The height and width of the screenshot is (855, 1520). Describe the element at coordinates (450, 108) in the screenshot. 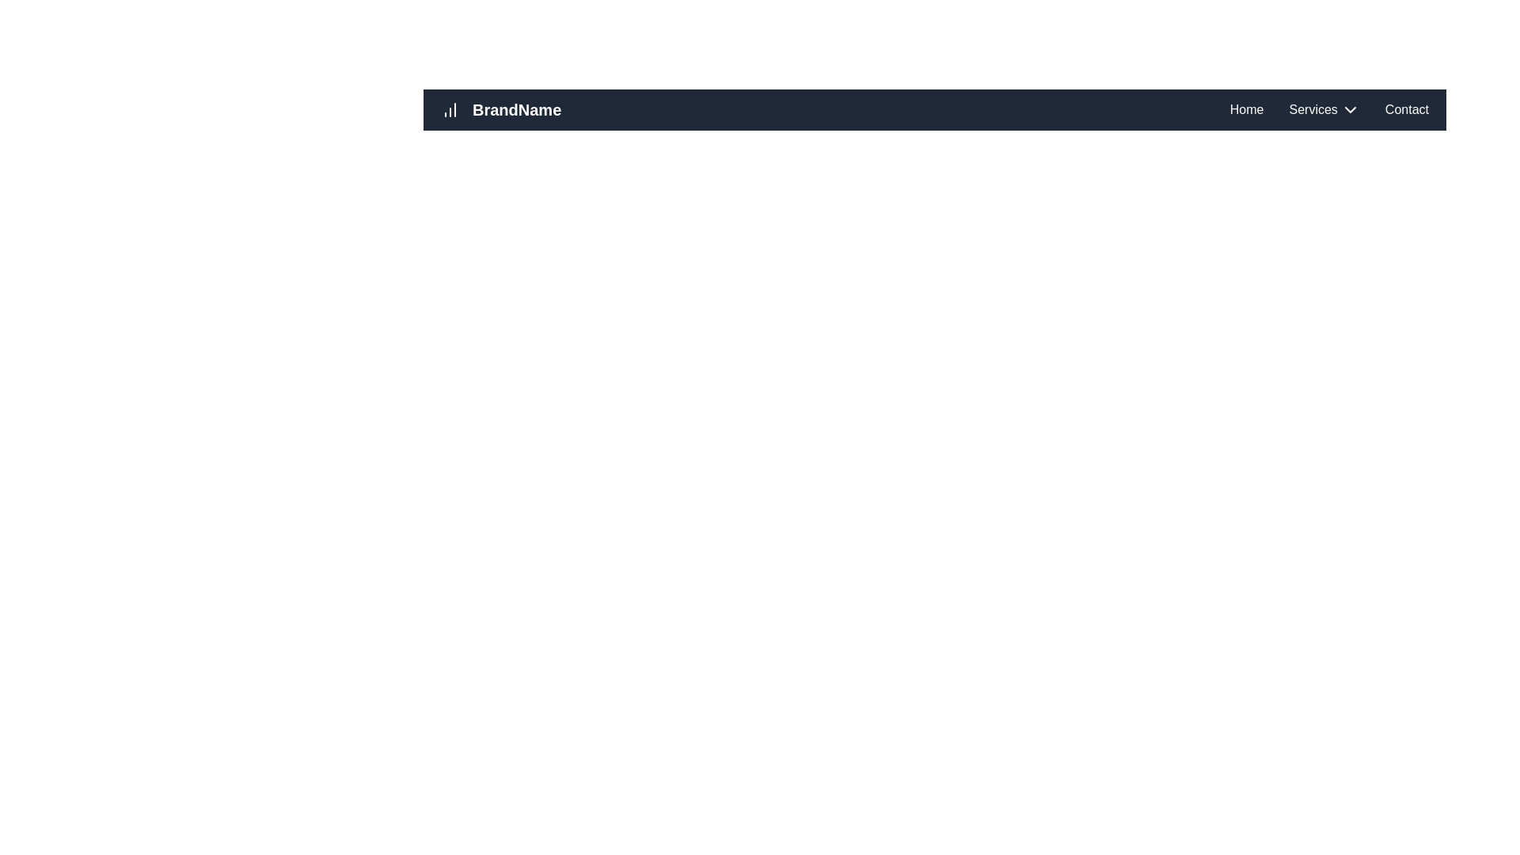

I see `the analytics icon located to the left of the 'BrandName' label in the header` at that location.